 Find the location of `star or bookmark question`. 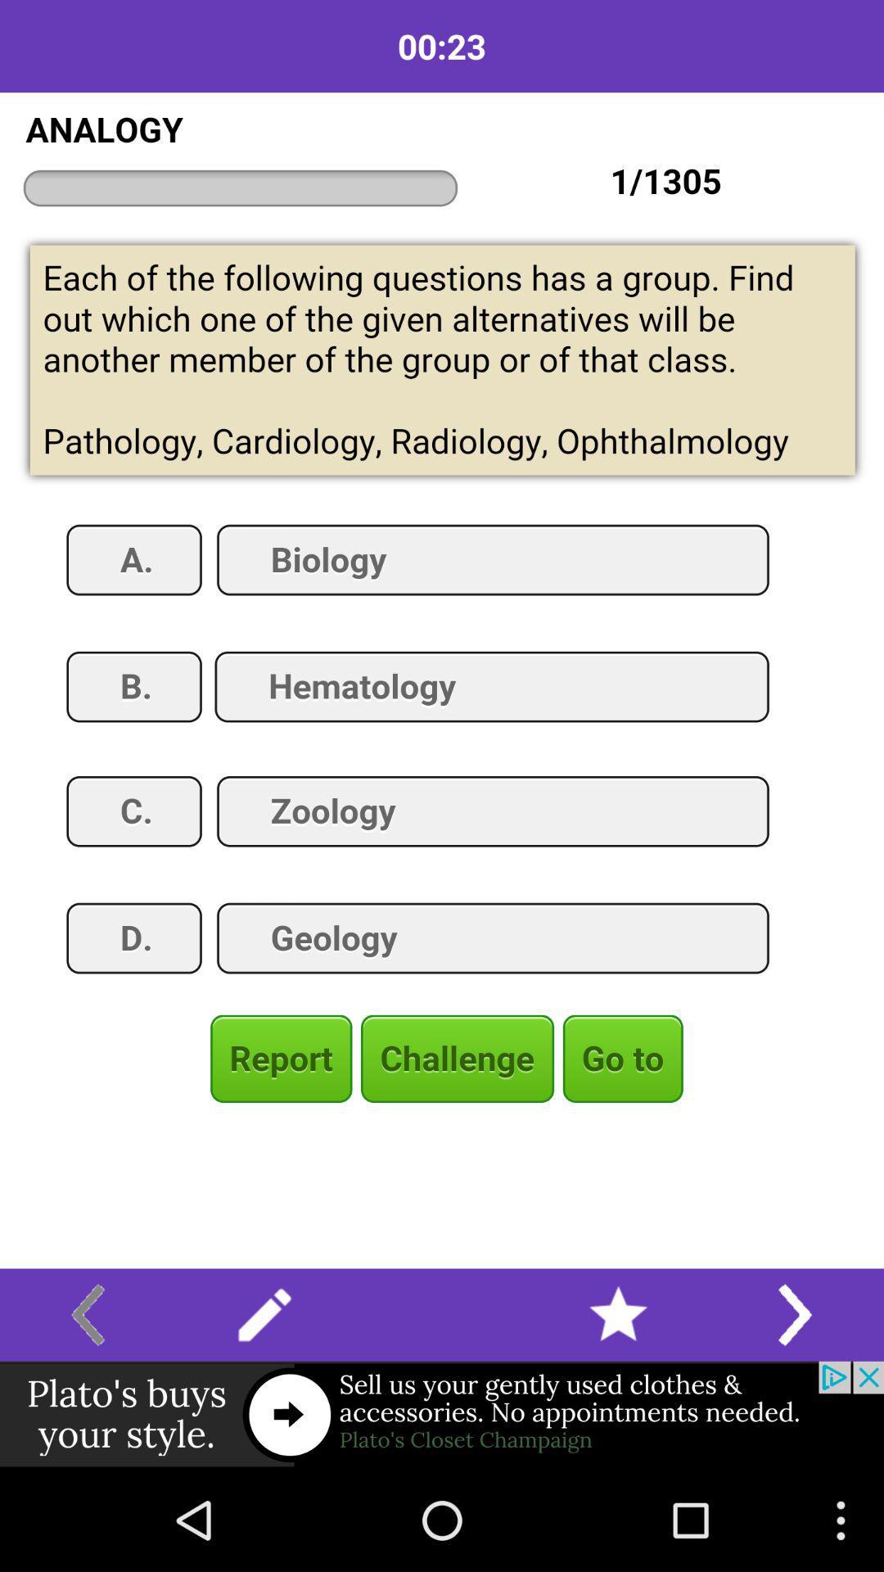

star or bookmark question is located at coordinates (618, 1315).